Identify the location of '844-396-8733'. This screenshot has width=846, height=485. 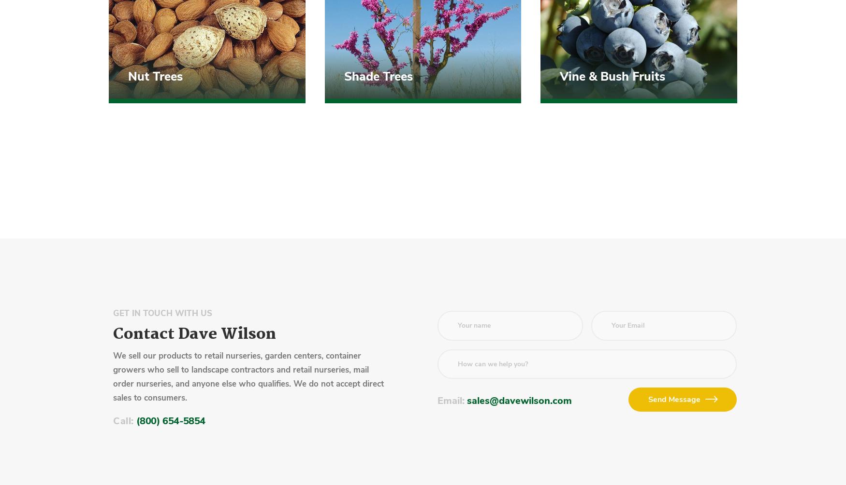
(172, 191).